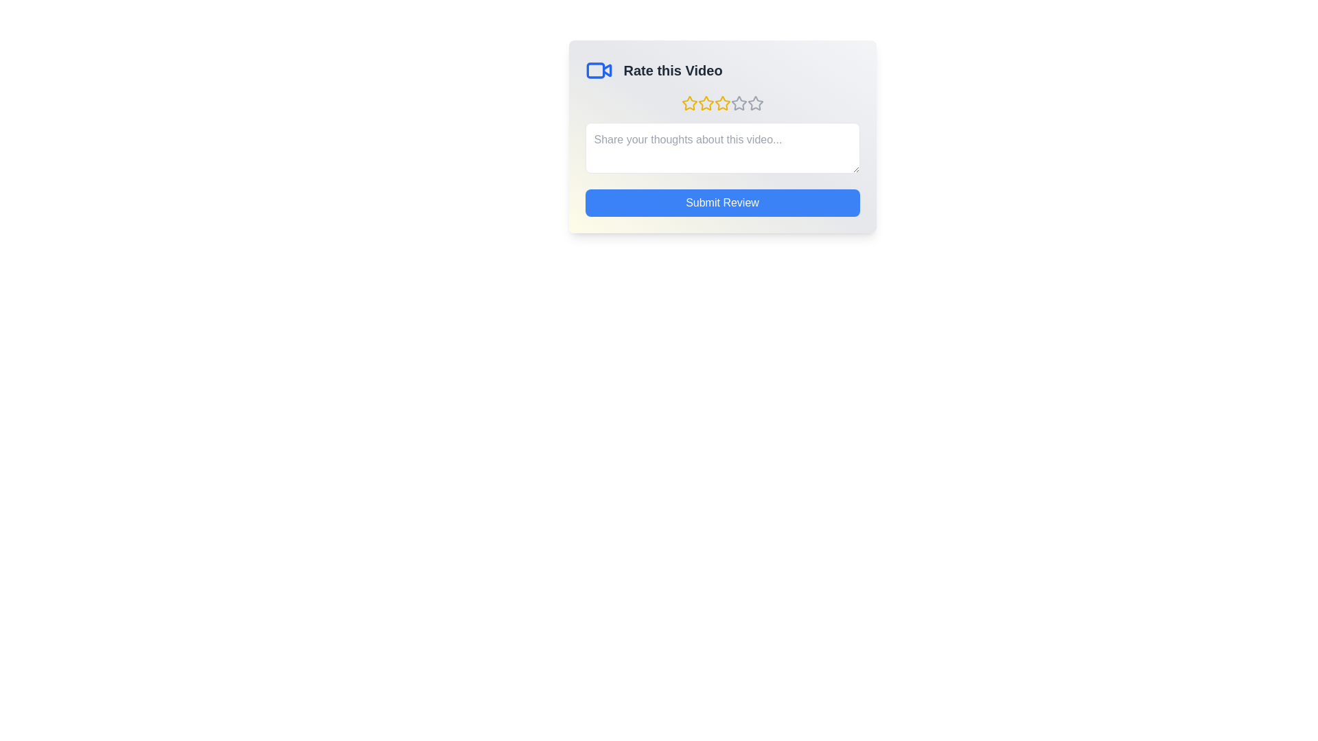 The height and width of the screenshot is (741, 1318). I want to click on the rating to 2 stars by clicking on the respective star, so click(706, 102).